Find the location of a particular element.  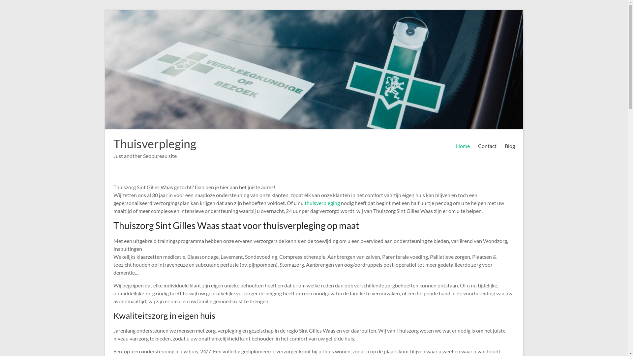

'Blog' is located at coordinates (509, 146).